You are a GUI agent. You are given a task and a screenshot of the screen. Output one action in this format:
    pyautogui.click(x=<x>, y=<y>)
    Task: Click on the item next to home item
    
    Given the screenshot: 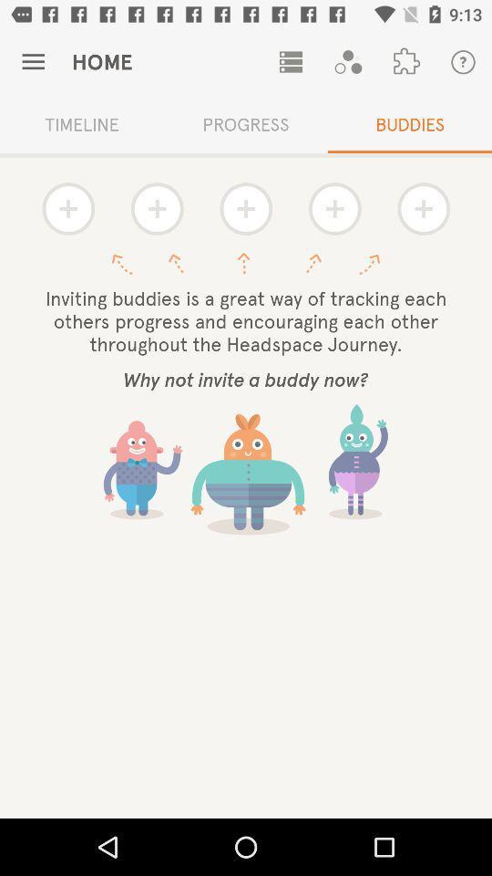 What is the action you would take?
    pyautogui.click(x=291, y=62)
    